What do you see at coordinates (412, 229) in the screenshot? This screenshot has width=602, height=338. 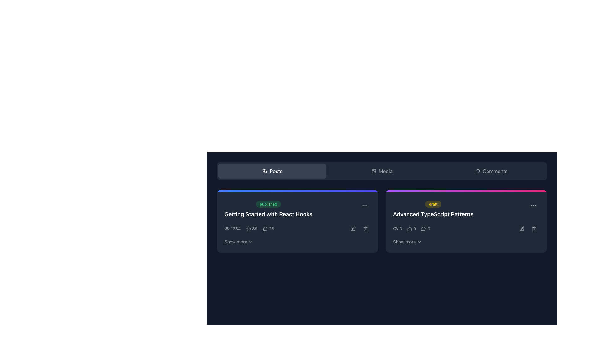 I see `the thumbs-up icon displaying '0' to increment or register a 'like' in the Advanced TypeScript Patterns card` at bounding box center [412, 229].